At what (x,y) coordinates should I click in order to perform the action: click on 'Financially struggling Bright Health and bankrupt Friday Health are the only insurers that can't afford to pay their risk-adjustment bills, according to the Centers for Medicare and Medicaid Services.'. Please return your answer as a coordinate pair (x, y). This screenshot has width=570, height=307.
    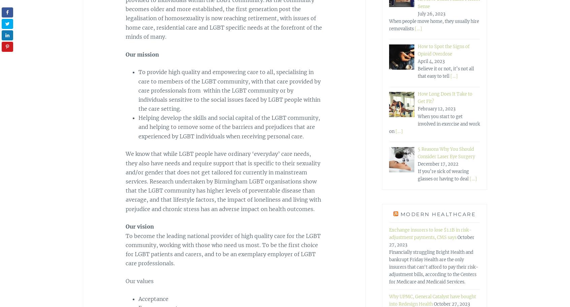
    Looking at the image, I should click on (388, 267).